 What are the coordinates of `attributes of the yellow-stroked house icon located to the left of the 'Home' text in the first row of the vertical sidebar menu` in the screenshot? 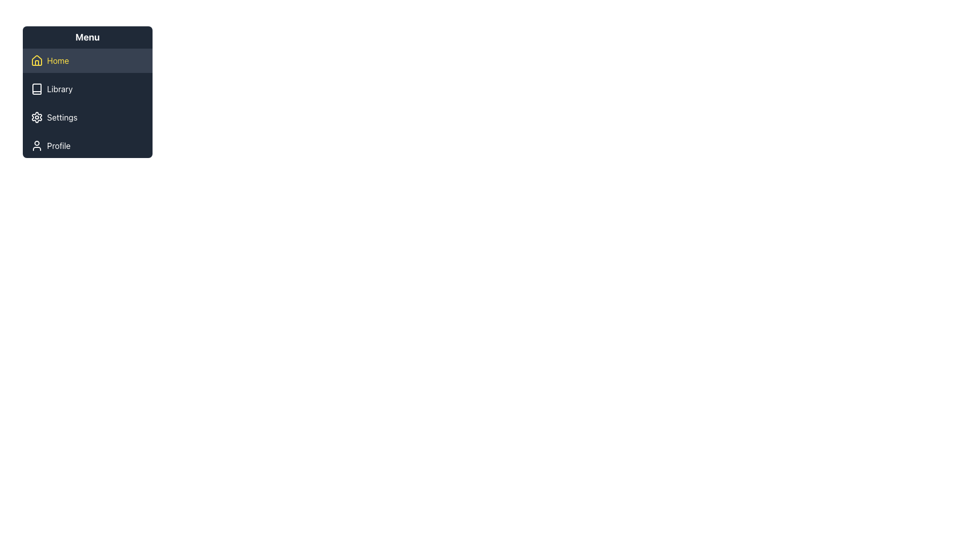 It's located at (36, 60).